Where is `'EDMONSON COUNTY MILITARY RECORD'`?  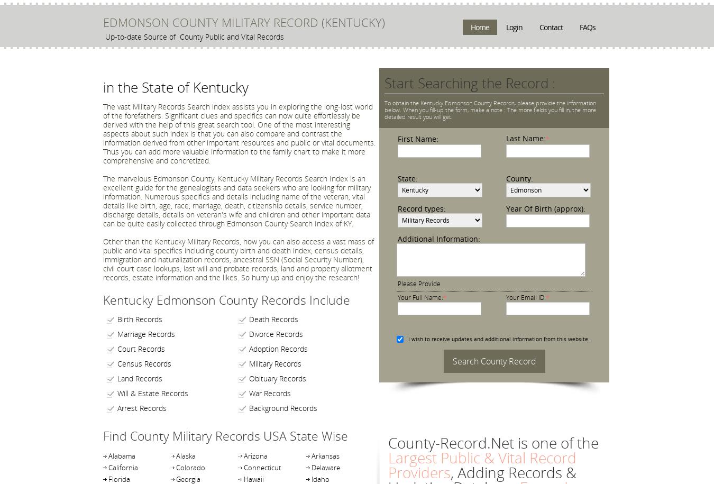
'EDMONSON COUNTY MILITARY RECORD' is located at coordinates (210, 22).